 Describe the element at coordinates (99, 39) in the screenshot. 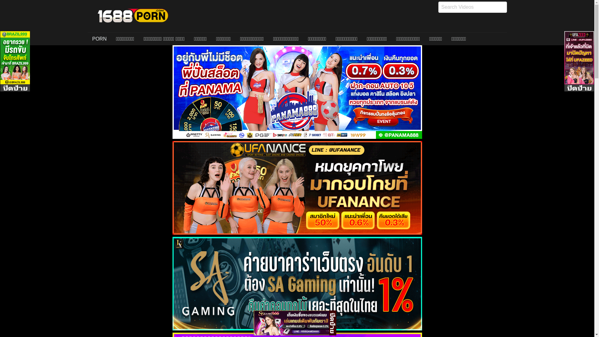

I see `'PORN'` at that location.